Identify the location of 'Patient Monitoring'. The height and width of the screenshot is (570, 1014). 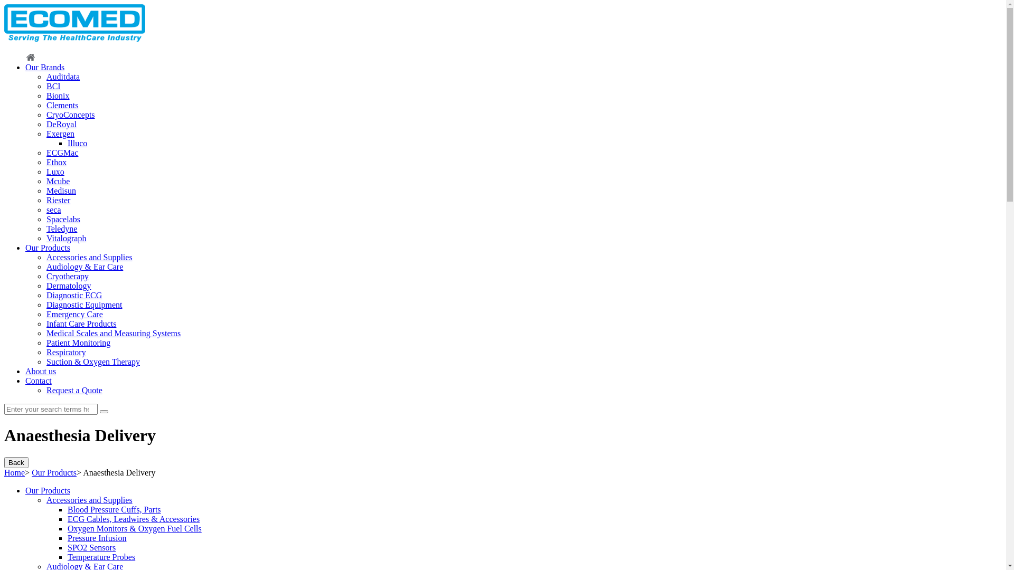
(45, 343).